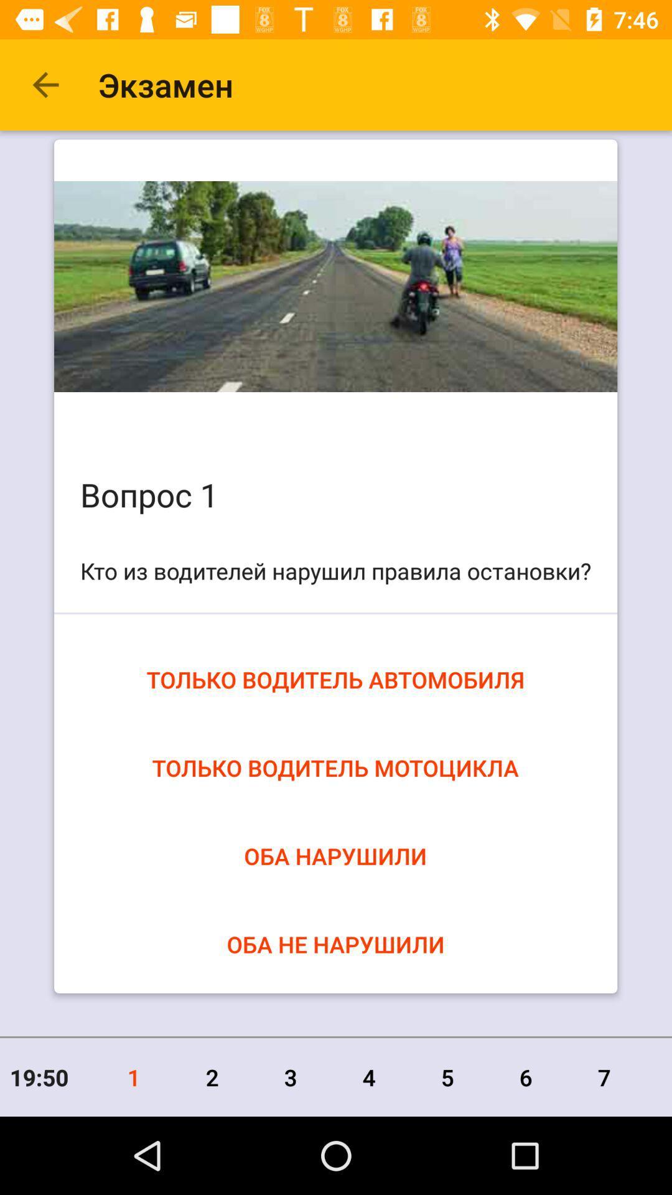  What do you see at coordinates (526, 1077) in the screenshot?
I see `the item to the right of the 5 icon` at bounding box center [526, 1077].